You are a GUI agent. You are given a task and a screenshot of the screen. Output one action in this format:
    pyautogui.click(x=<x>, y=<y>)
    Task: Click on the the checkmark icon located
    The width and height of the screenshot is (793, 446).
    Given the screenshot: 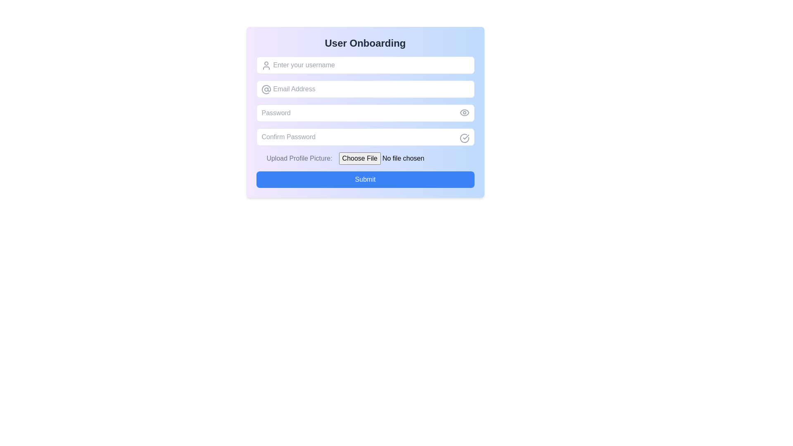 What is the action you would take?
    pyautogui.click(x=466, y=136)
    